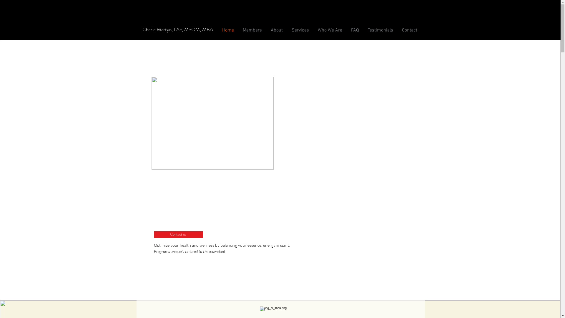 The width and height of the screenshot is (565, 318). What do you see at coordinates (227, 30) in the screenshot?
I see `'Home'` at bounding box center [227, 30].